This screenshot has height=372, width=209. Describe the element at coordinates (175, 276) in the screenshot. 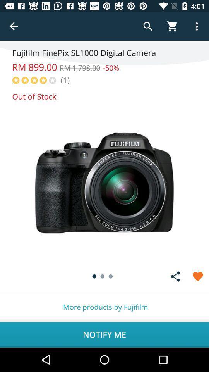

I see `the share icon` at that location.